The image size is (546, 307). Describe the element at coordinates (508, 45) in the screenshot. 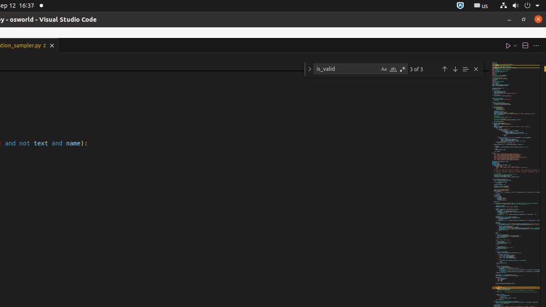

I see `'Run Python File'` at that location.